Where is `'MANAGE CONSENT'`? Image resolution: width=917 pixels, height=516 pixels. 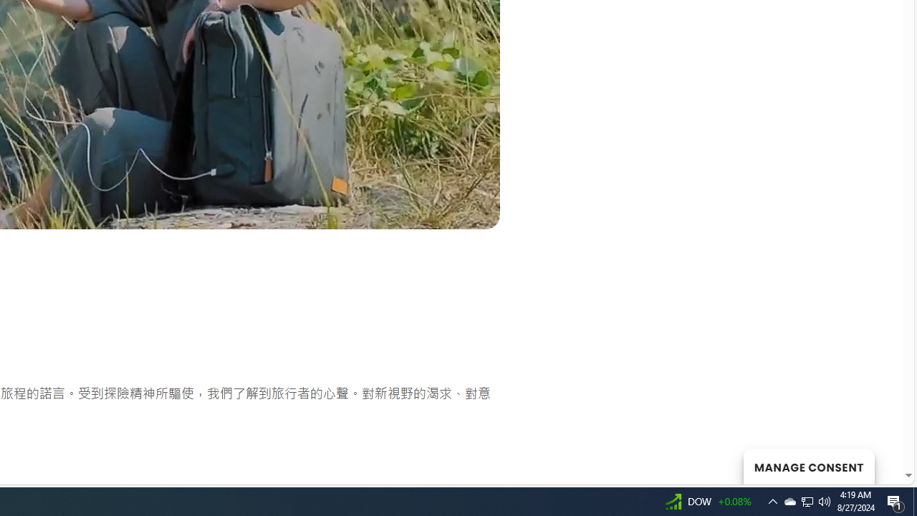 'MANAGE CONSENT' is located at coordinates (808, 466).